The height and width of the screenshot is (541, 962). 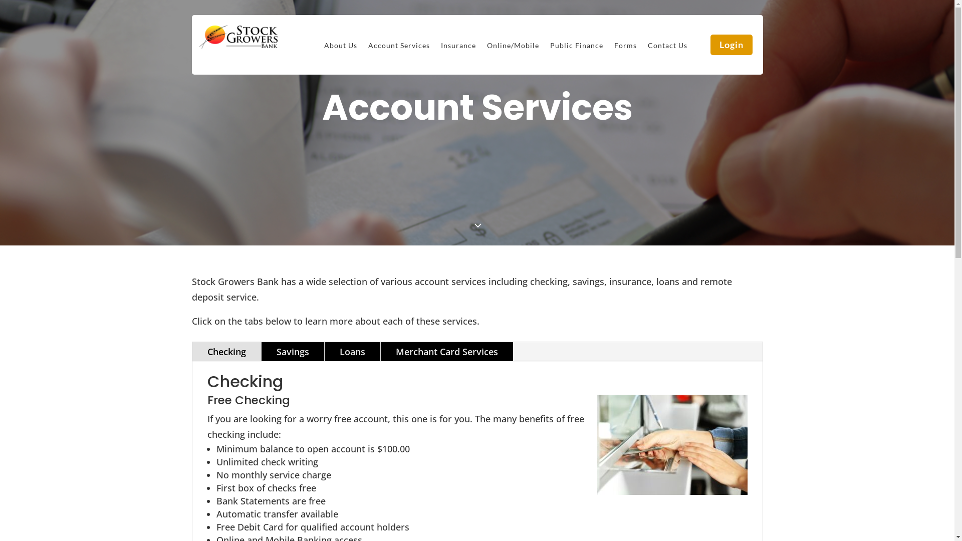 I want to click on 'Public Finance', so click(x=577, y=48).